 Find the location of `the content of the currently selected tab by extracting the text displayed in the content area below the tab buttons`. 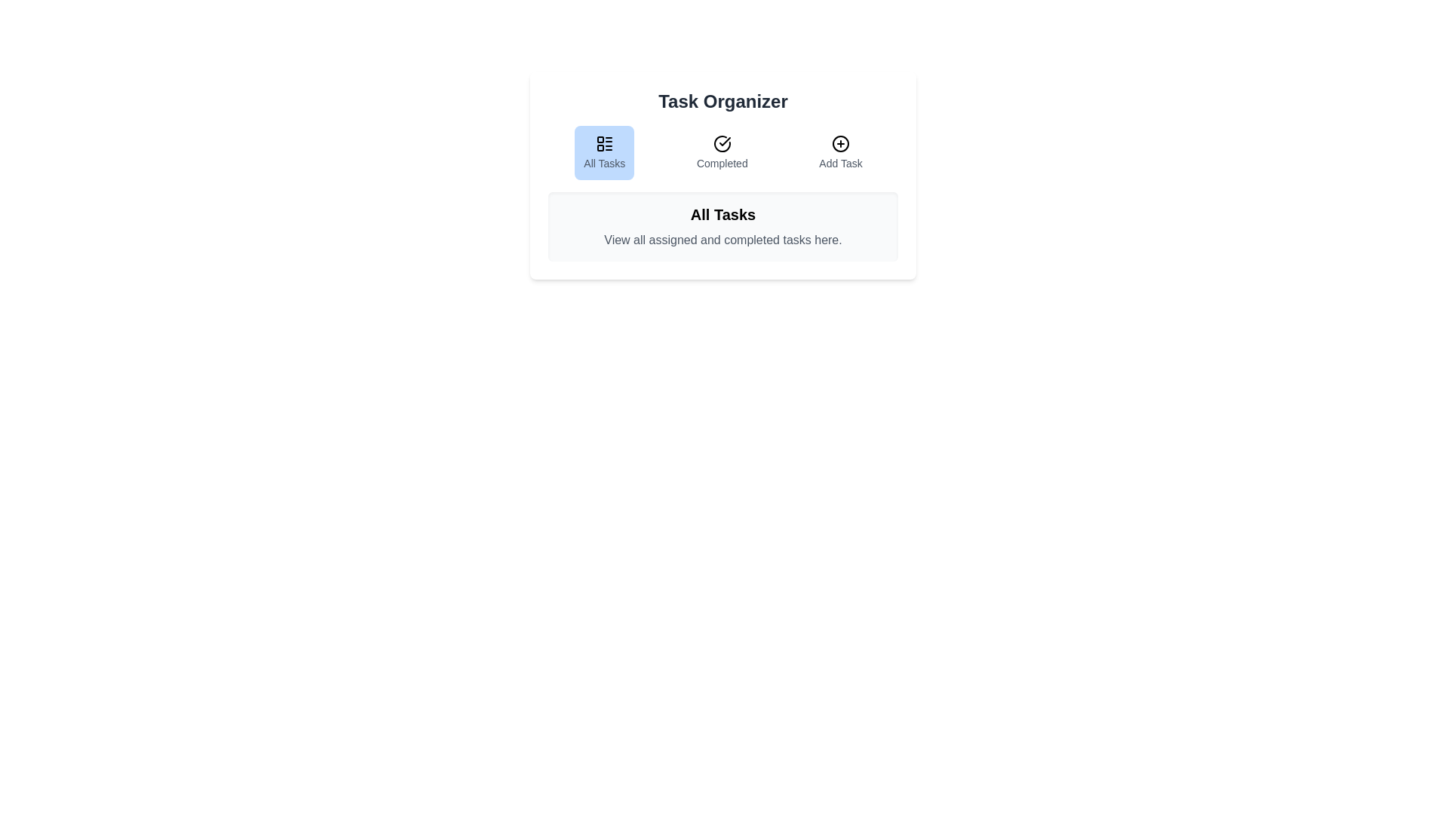

the content of the currently selected tab by extracting the text displayed in the content area below the tab buttons is located at coordinates (722, 226).